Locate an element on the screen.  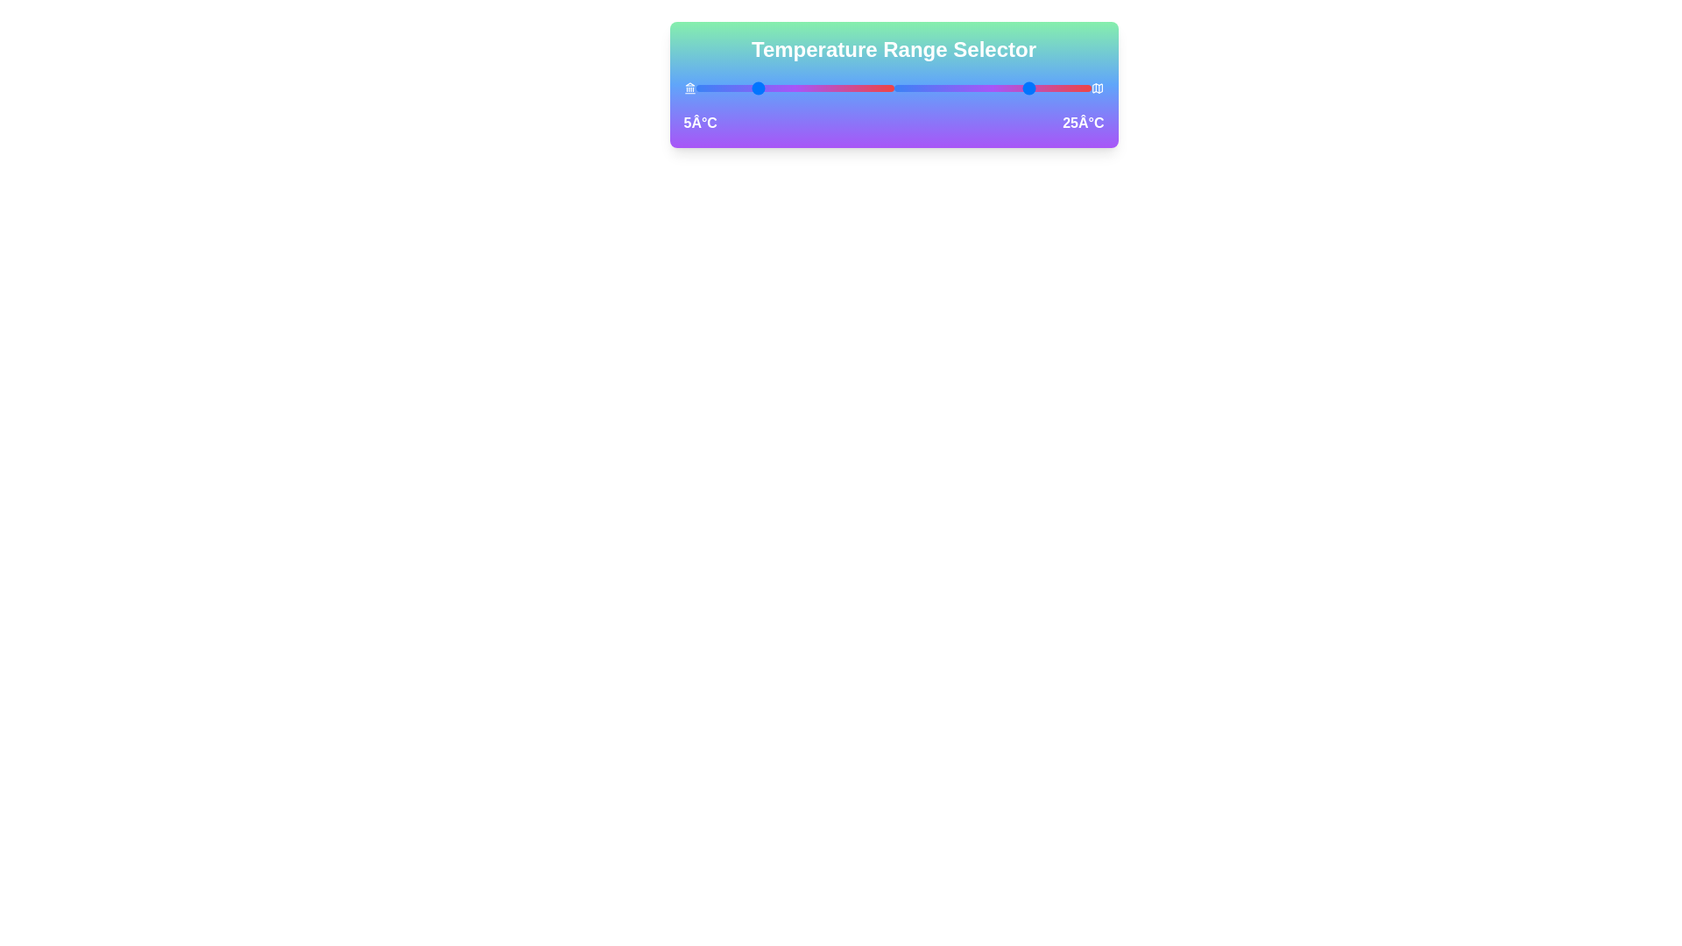
the landmark icon is located at coordinates (689, 88).